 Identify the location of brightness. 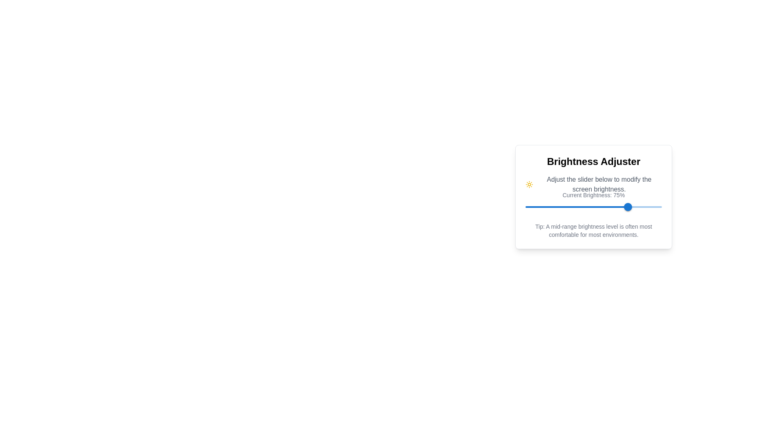
(624, 206).